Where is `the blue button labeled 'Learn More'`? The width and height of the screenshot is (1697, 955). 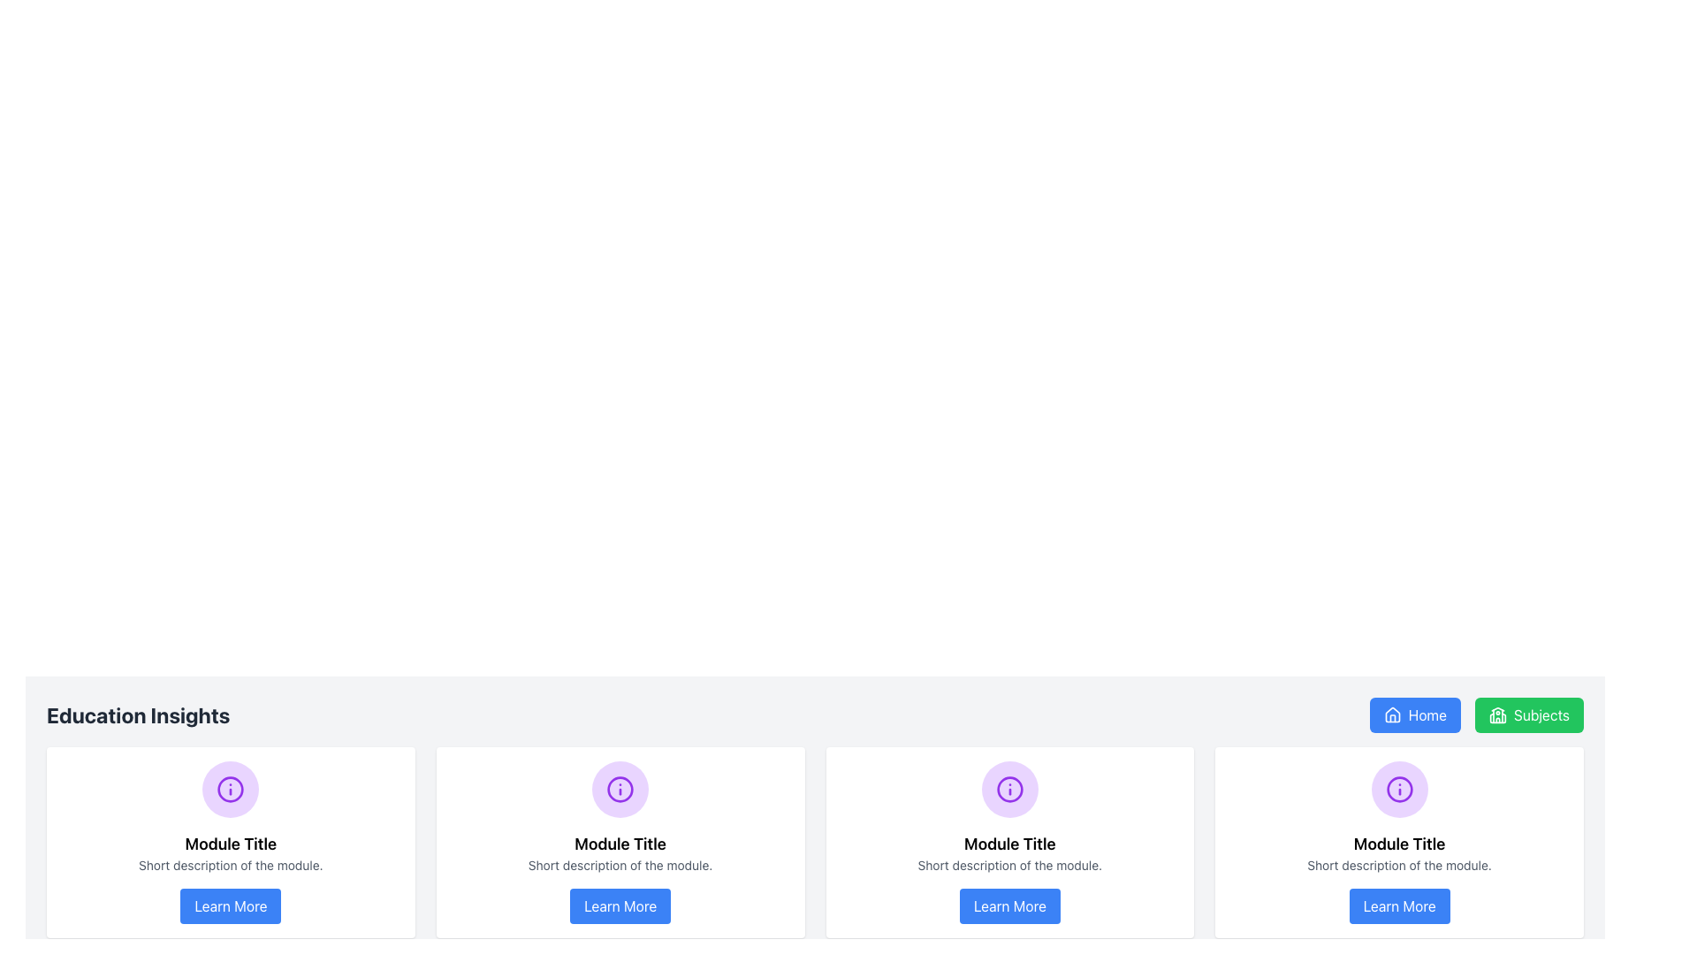 the blue button labeled 'Learn More' is located at coordinates (230, 906).